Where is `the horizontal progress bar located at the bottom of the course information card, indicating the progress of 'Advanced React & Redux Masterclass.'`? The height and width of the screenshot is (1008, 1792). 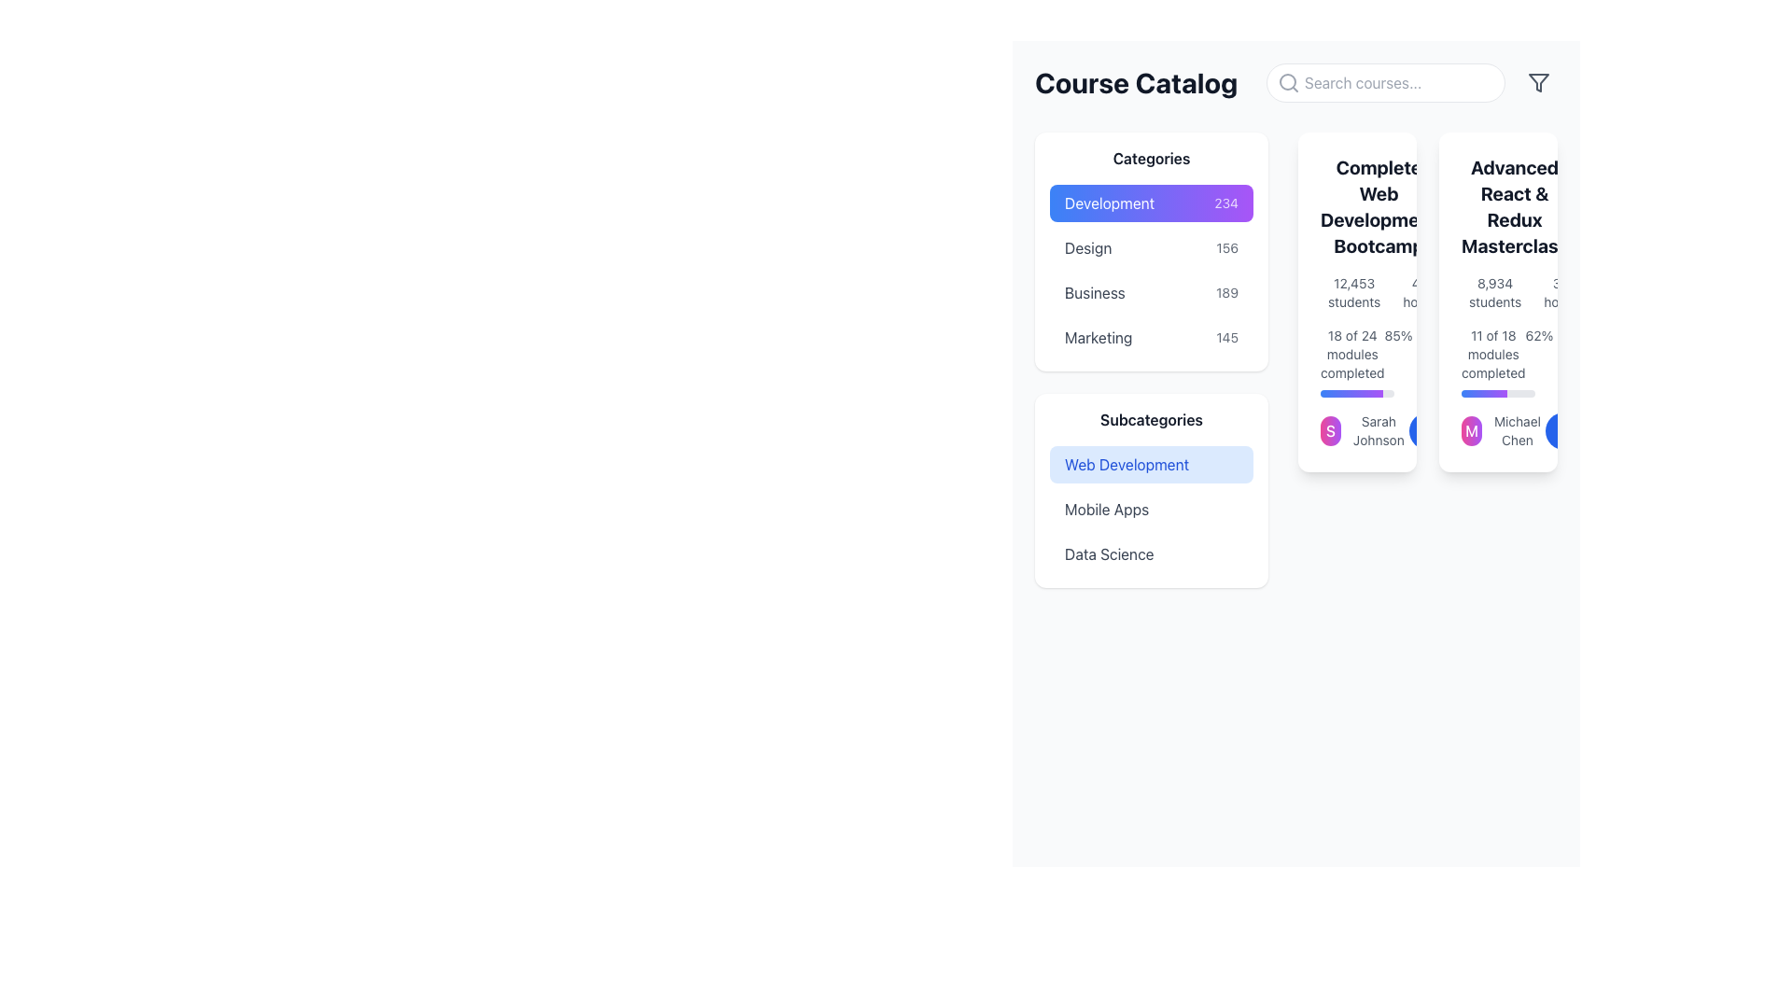
the horizontal progress bar located at the bottom of the course information card, indicating the progress of 'Advanced React & Redux Masterclass.' is located at coordinates (1498, 392).